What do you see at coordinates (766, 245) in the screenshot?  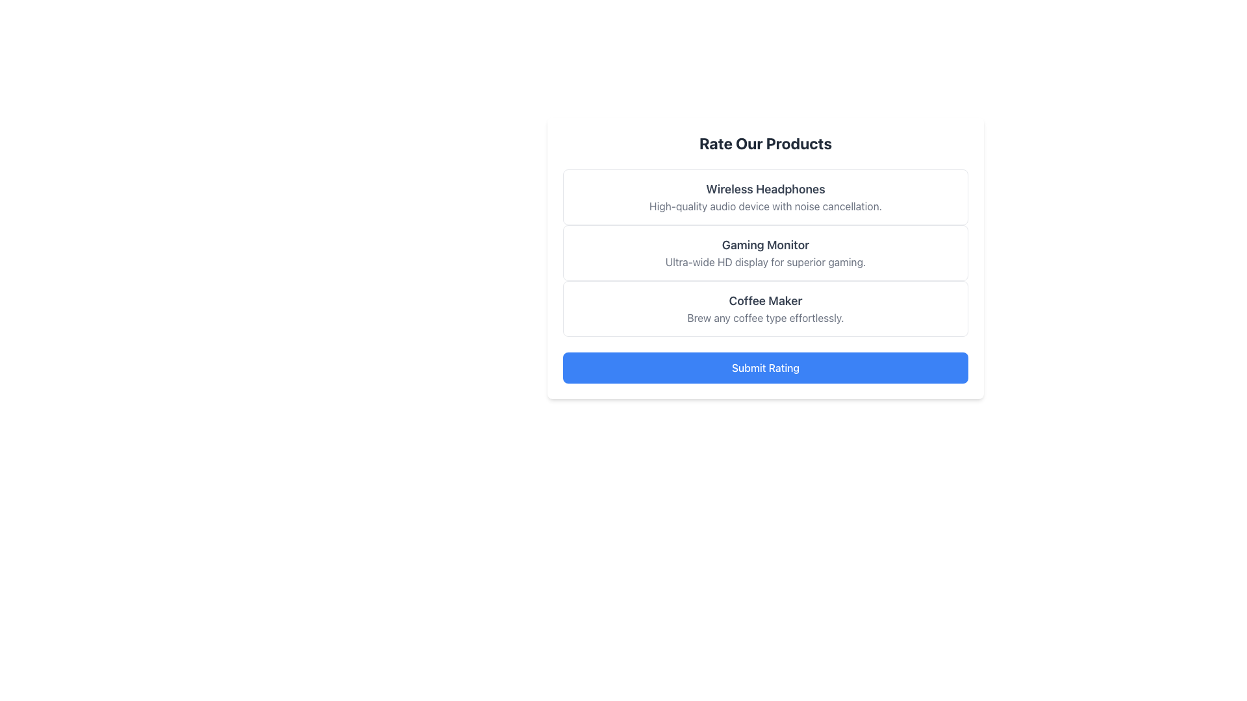 I see `styling of the centrally aligned title text that indicates the name of the product, positioned above the descriptive text regarding its ultra-wide HD display functionality` at bounding box center [766, 245].